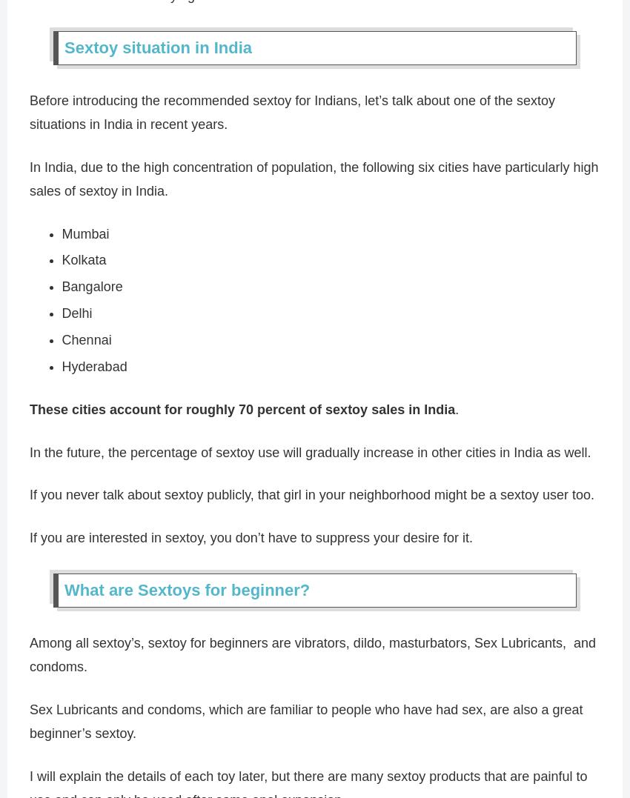 The width and height of the screenshot is (630, 798). I want to click on 'Bangalore', so click(91, 286).